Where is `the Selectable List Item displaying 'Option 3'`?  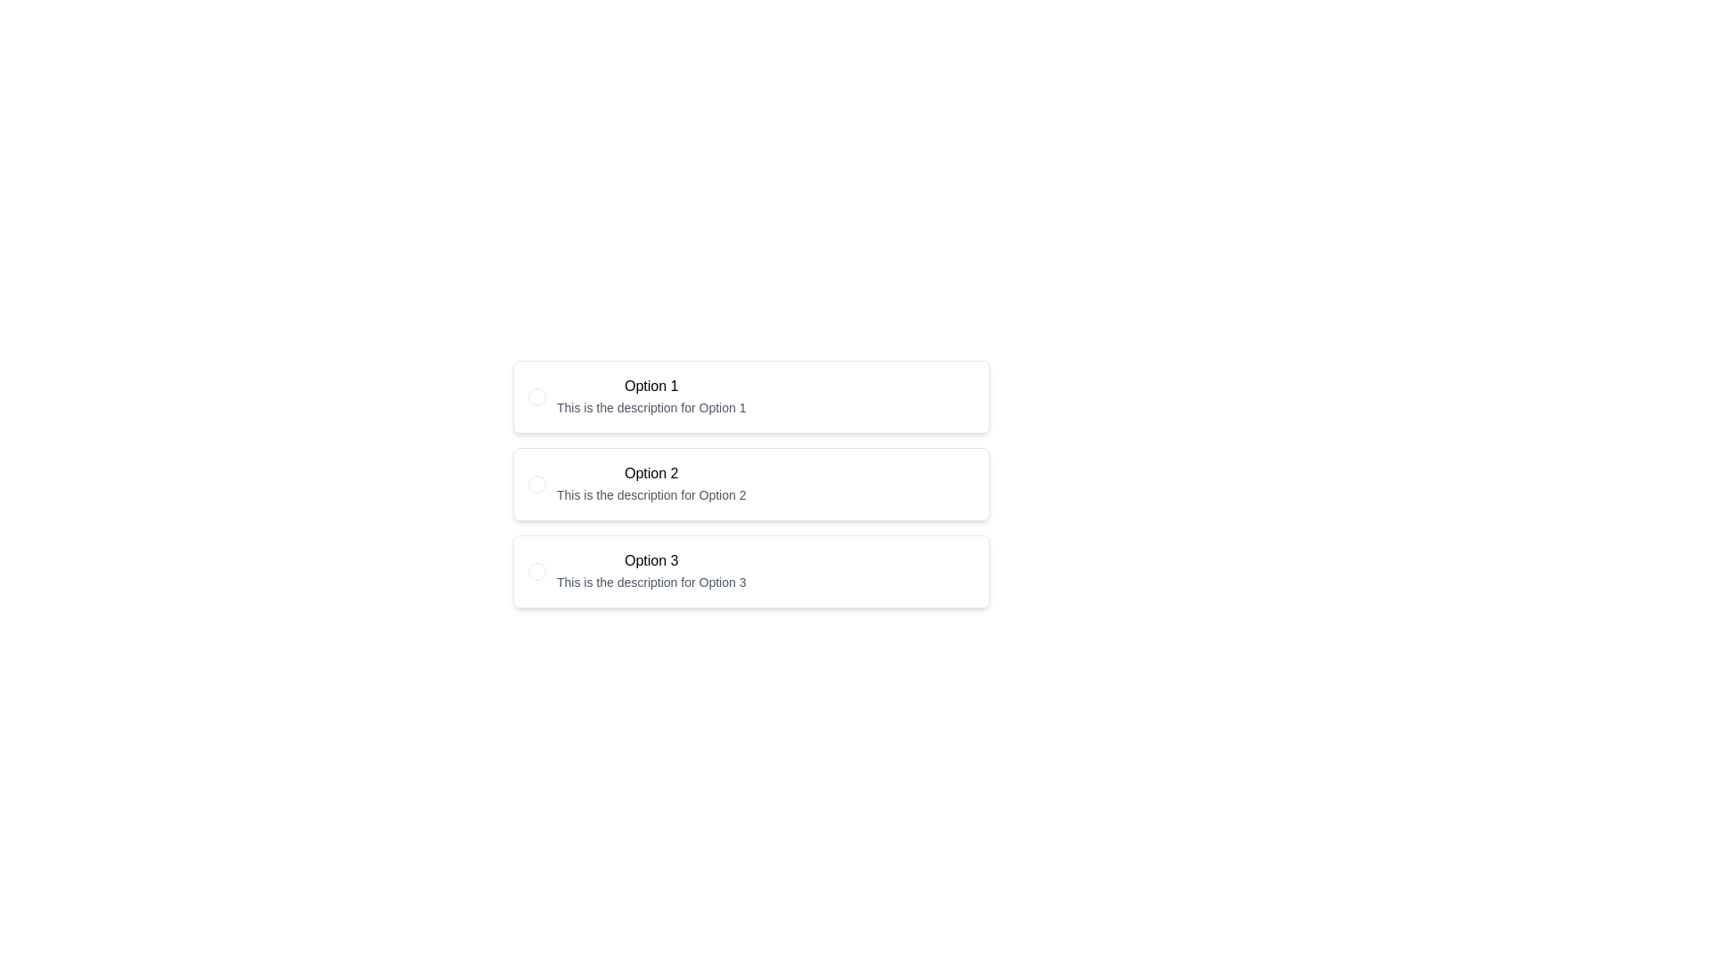 the Selectable List Item displaying 'Option 3' is located at coordinates (651, 571).